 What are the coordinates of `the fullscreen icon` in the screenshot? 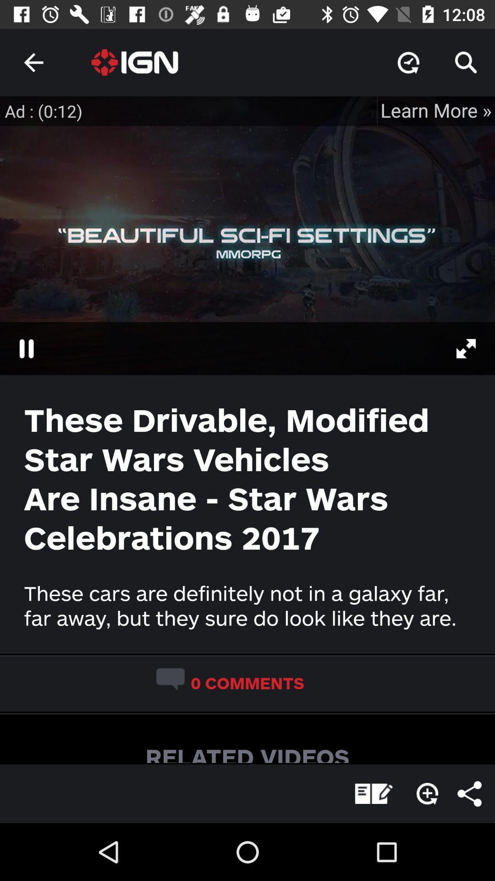 It's located at (471, 348).